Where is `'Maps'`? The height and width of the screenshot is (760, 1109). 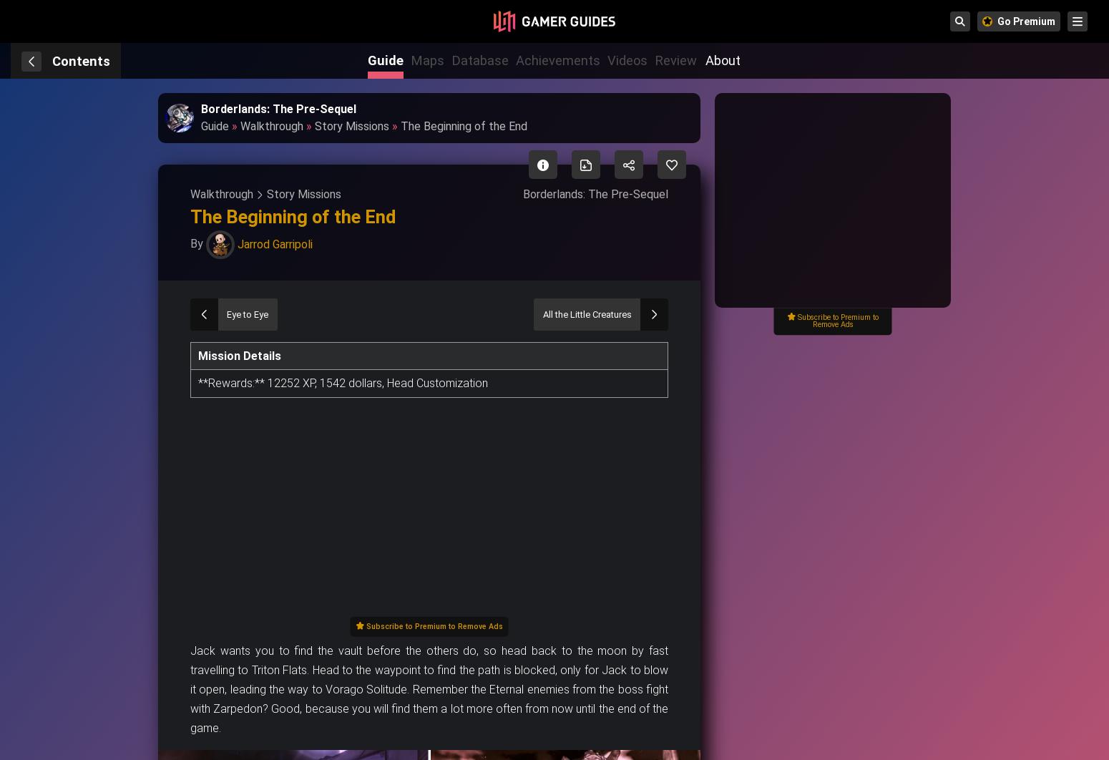
'Maps' is located at coordinates (427, 60).